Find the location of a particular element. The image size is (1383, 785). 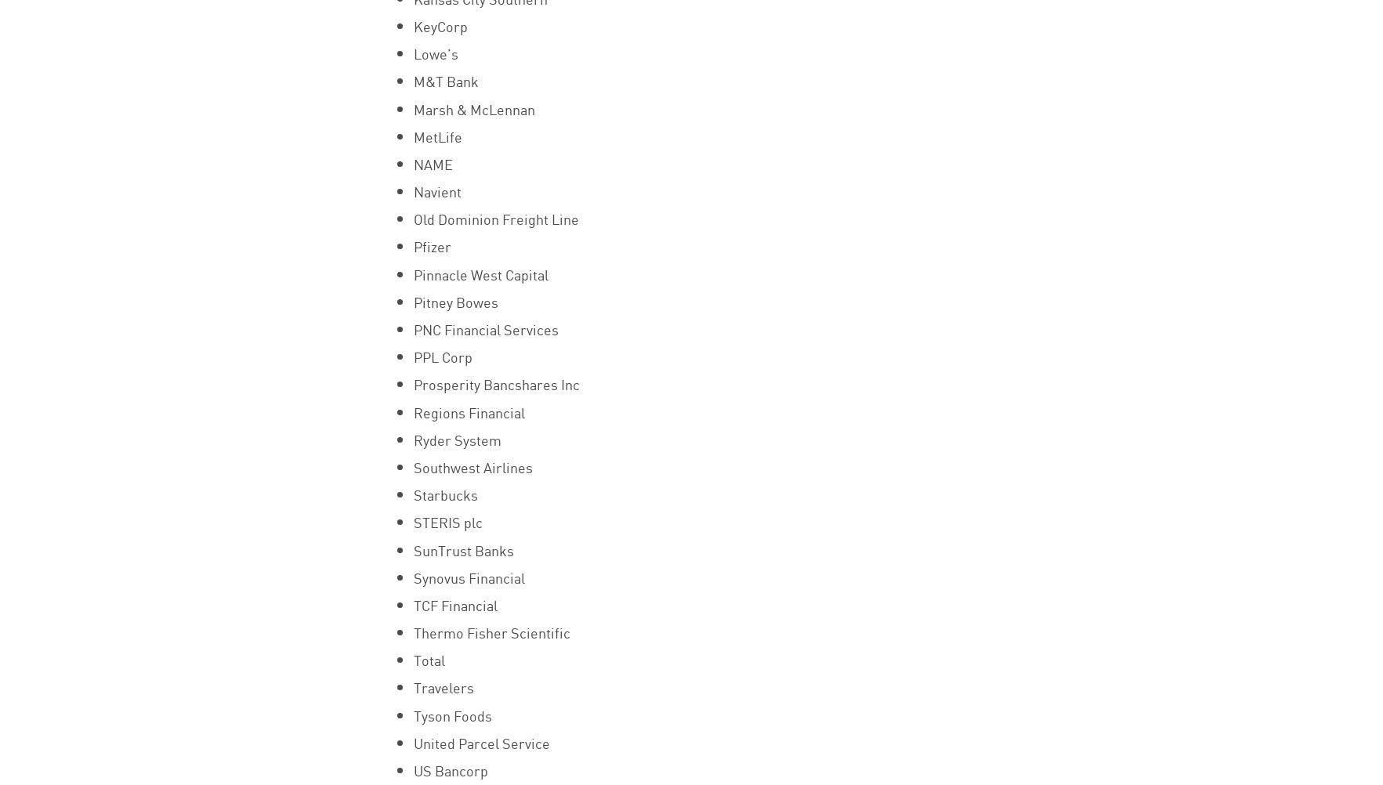

'TCF Financial' is located at coordinates (412, 603).